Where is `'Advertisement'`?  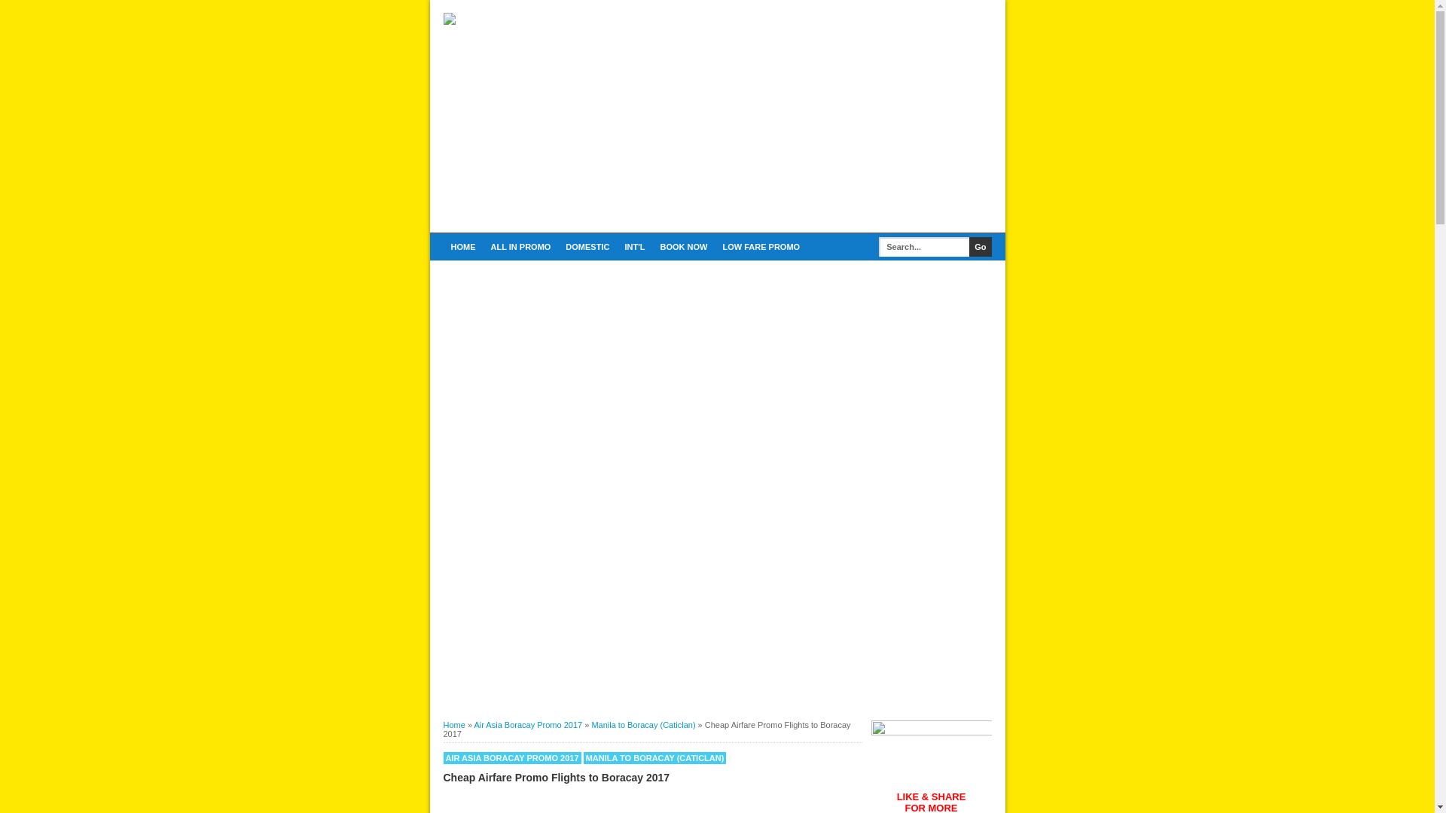 'Advertisement' is located at coordinates (442, 594).